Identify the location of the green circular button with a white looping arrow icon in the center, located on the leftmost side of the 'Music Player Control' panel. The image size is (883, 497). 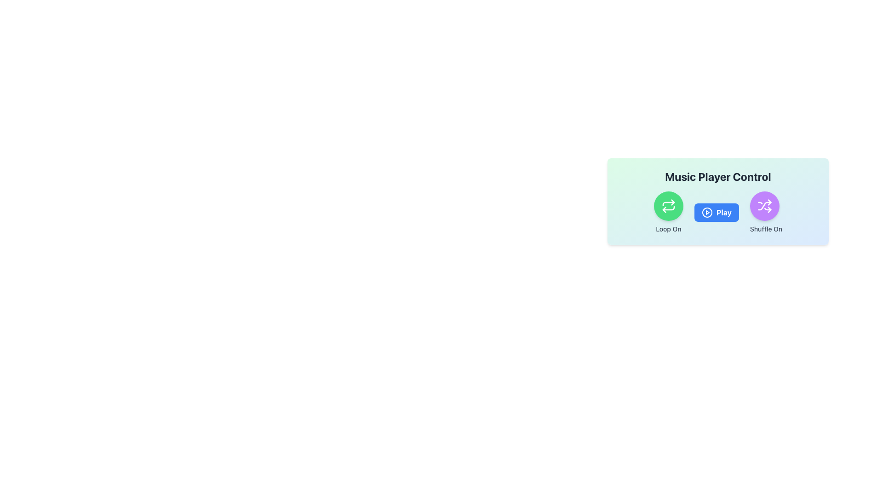
(668, 205).